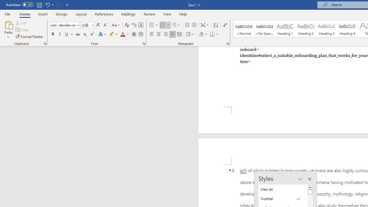 Image resolution: width=368 pixels, height=207 pixels. I want to click on 'Grow Font', so click(98, 25).